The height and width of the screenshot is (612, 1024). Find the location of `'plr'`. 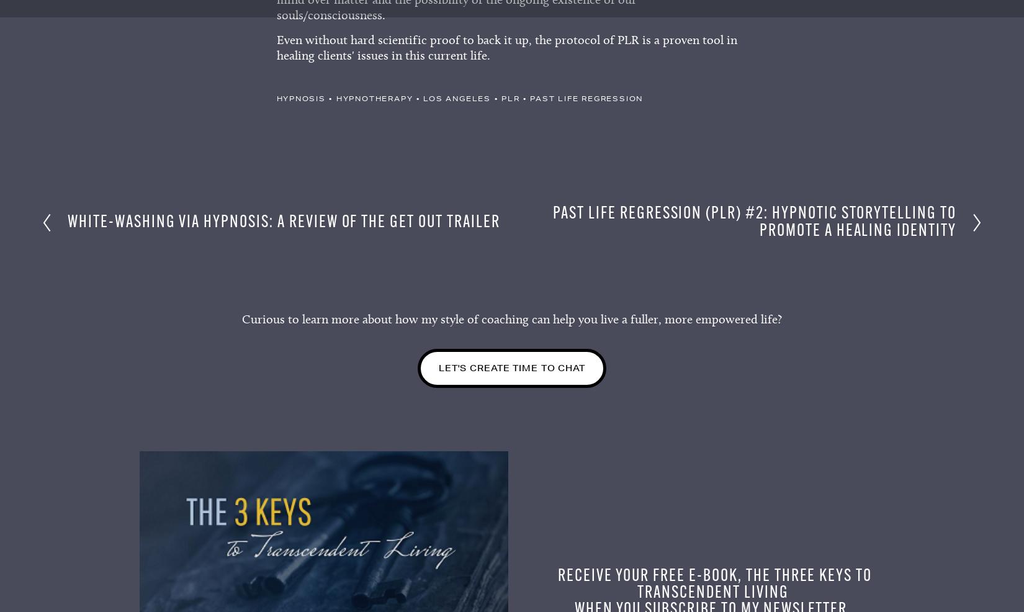

'plr' is located at coordinates (510, 102).